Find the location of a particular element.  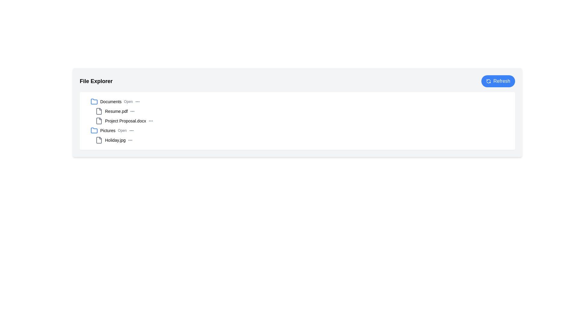

the text label reading 'Holiday.jpg' to focus or interact indirectly with the associated file entry in the file explorer interface is located at coordinates (115, 140).